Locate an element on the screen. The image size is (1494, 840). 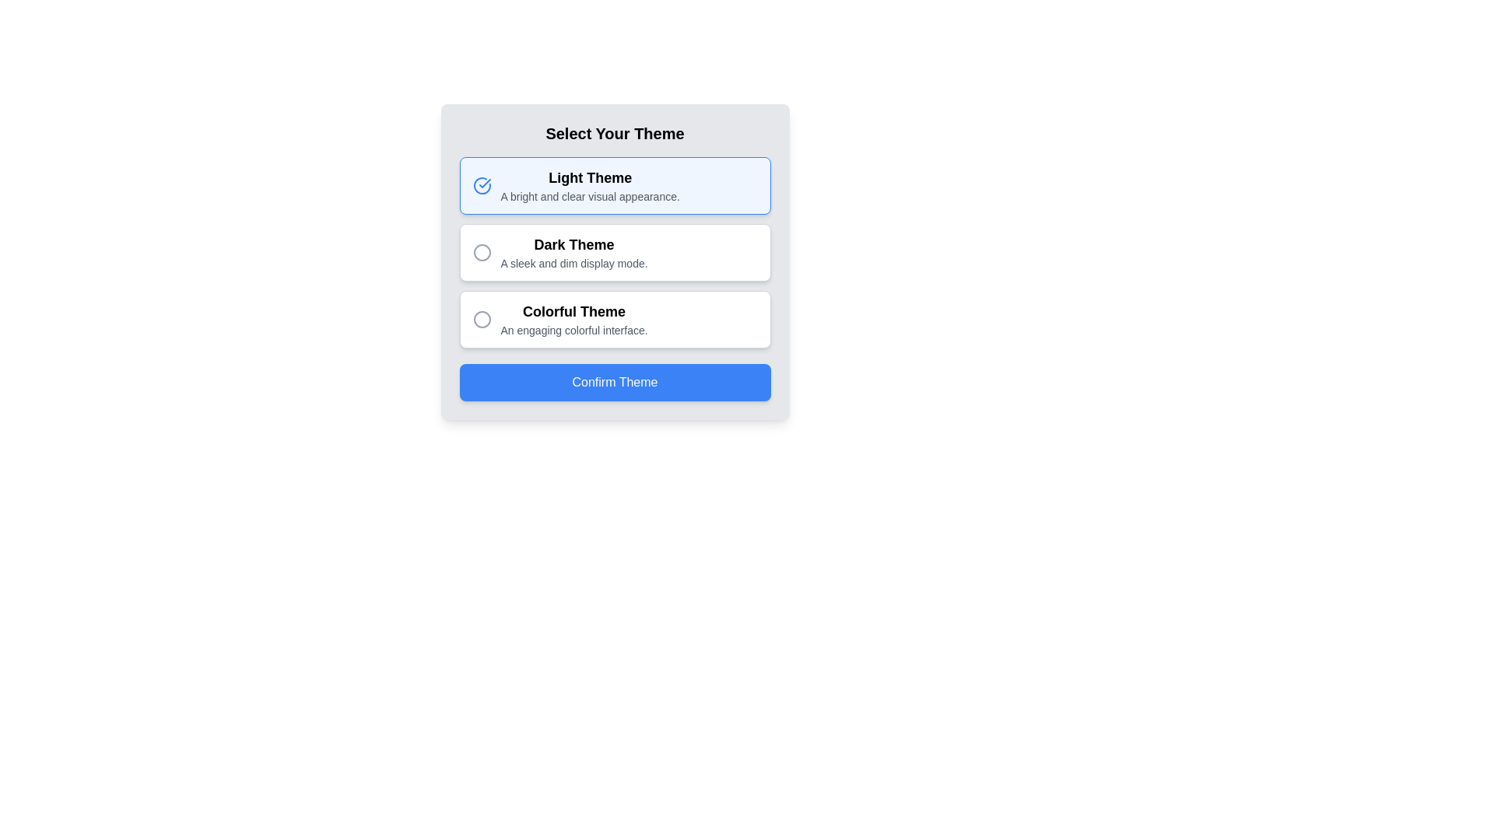
Checkbox indicator for the 'Light Theme' option, located to the left of the text block that reads 'Light Theme - A bright and clear visual appearance' is located at coordinates (481, 185).